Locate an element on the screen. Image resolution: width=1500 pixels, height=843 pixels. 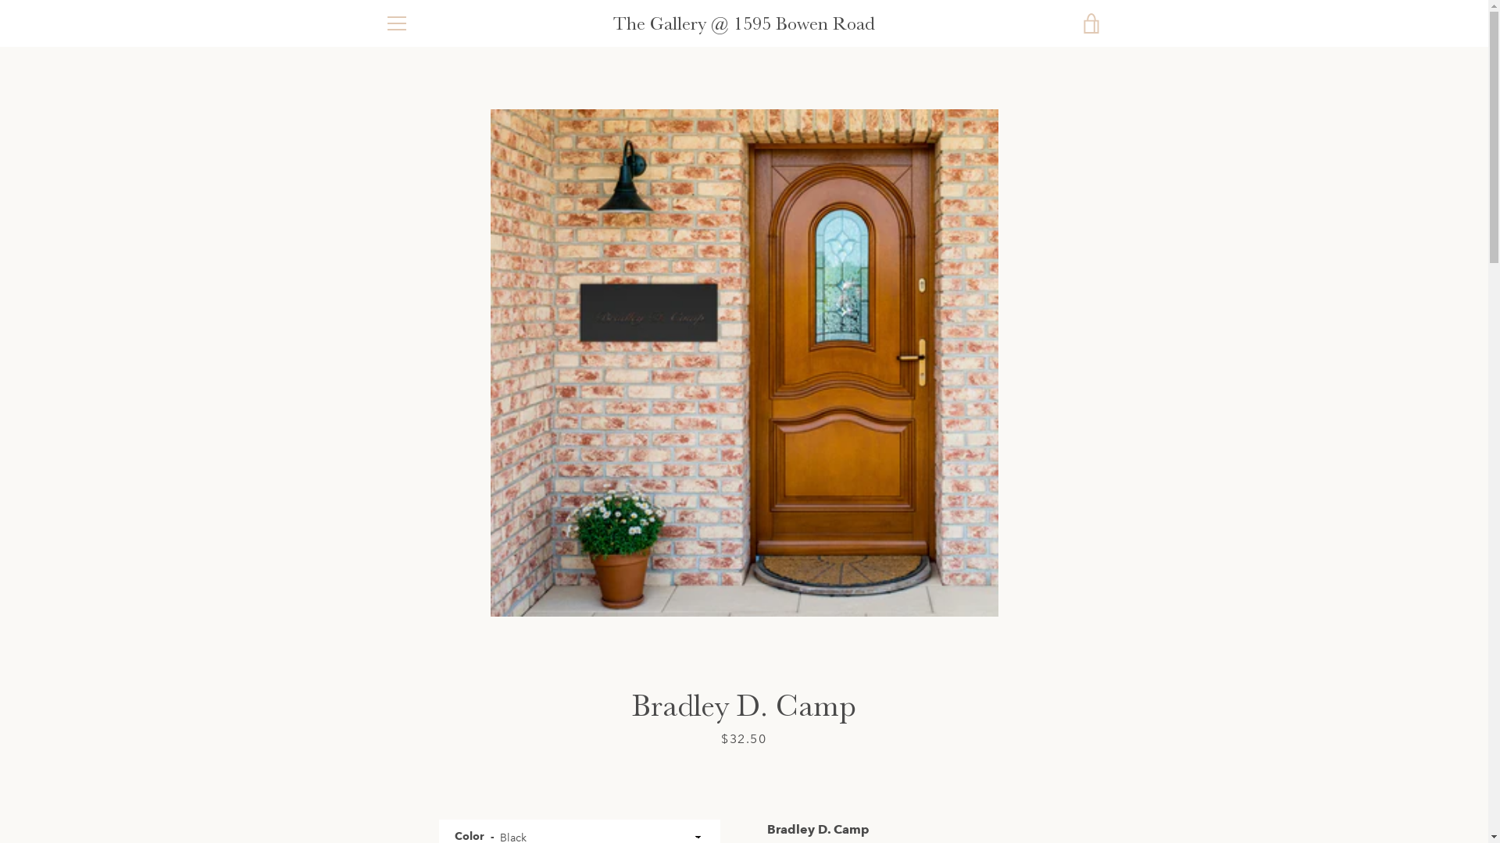
'VIEW CART' is located at coordinates (1090, 23).